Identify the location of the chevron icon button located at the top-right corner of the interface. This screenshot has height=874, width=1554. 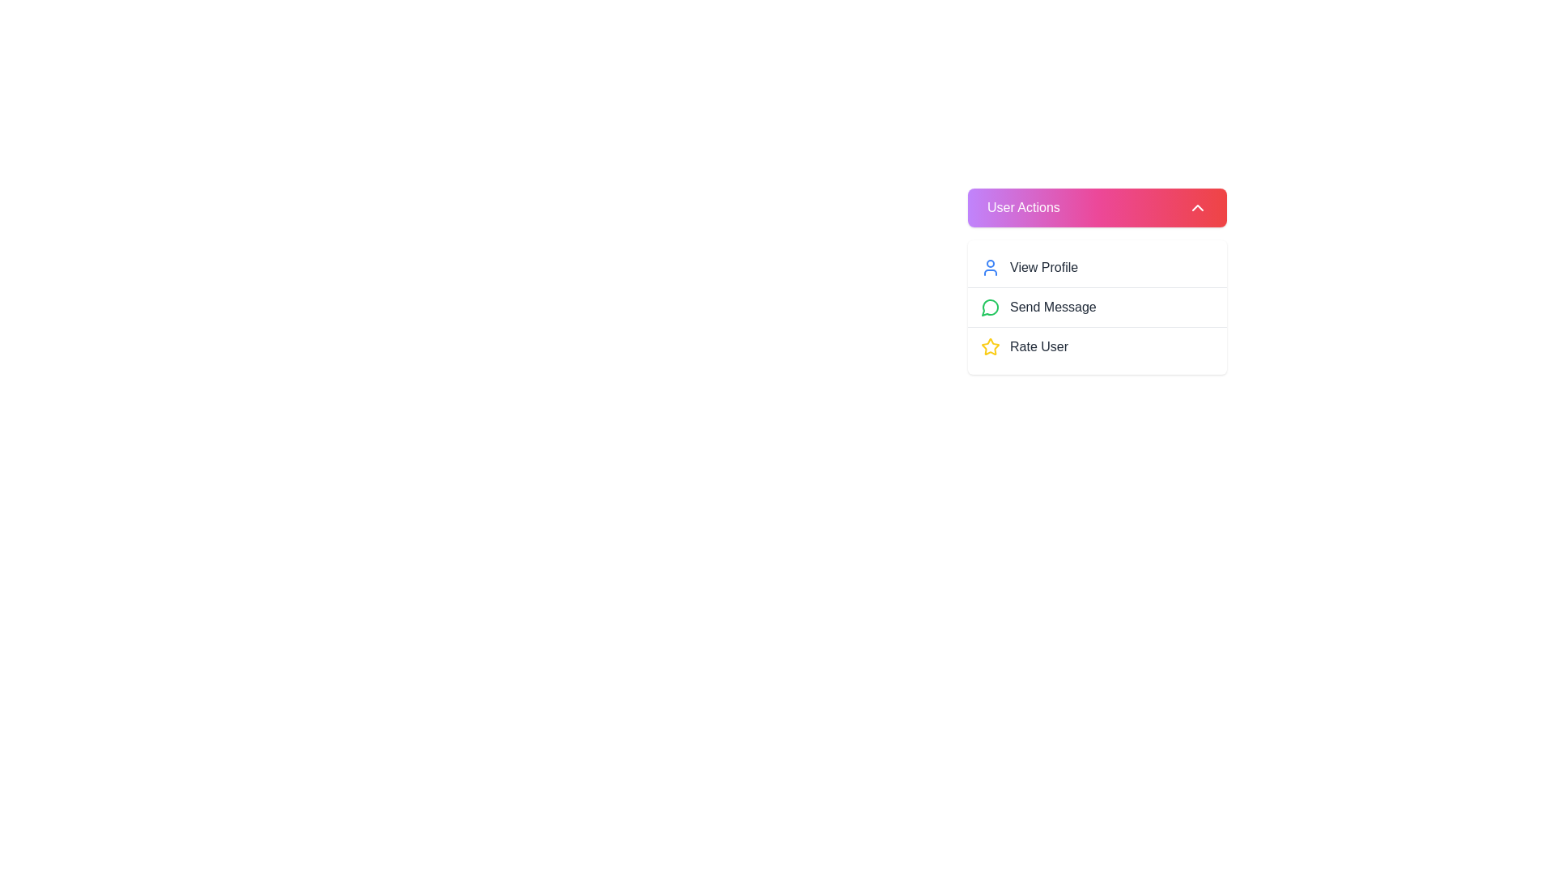
(1197, 207).